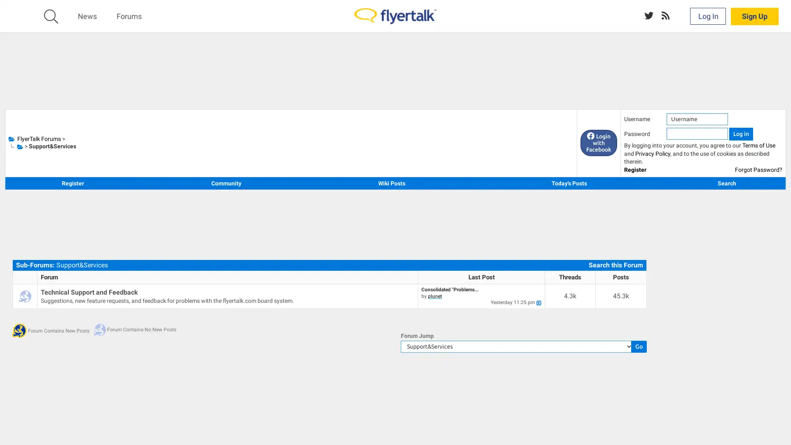  Describe the element at coordinates (599, 143) in the screenshot. I see `Login with Facebook` at that location.